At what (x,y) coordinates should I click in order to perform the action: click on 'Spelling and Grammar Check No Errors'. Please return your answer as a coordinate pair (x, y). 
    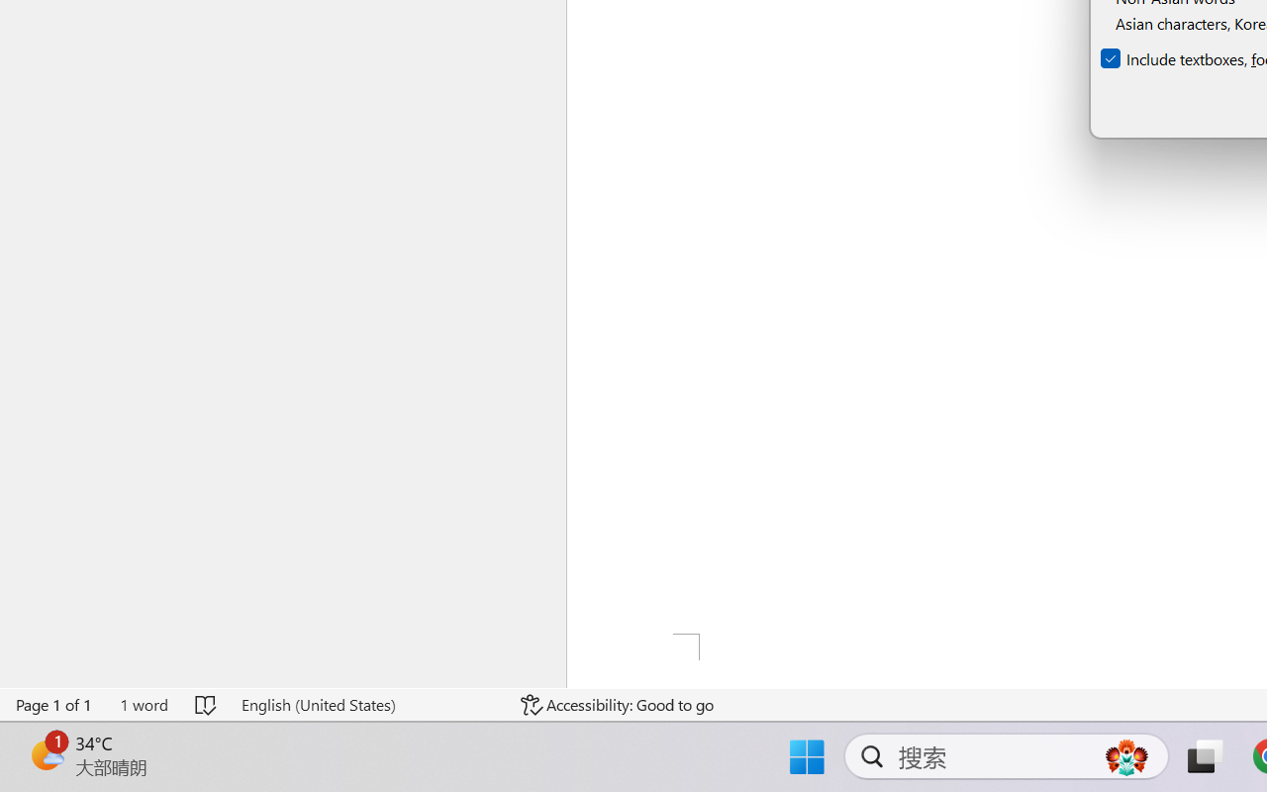
    Looking at the image, I should click on (207, 704).